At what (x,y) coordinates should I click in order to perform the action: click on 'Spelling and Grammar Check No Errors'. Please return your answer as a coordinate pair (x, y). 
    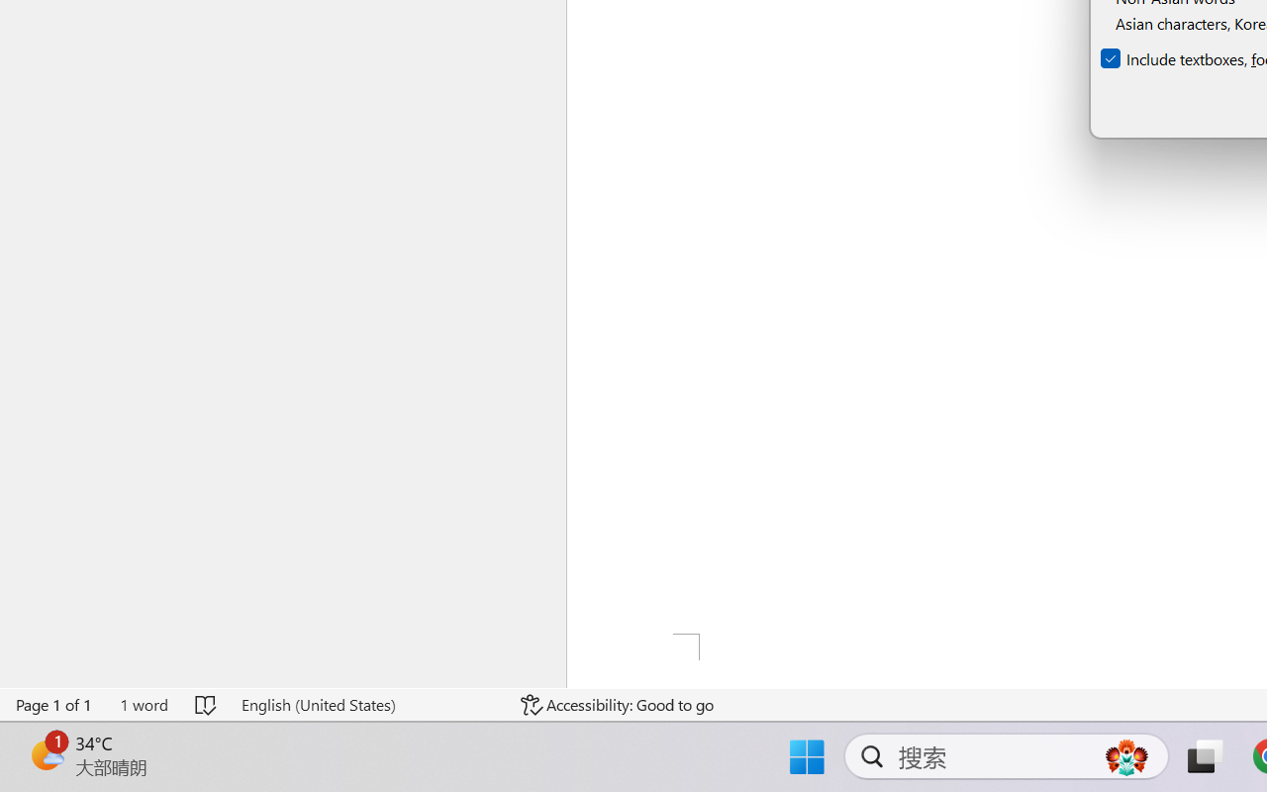
    Looking at the image, I should click on (207, 704).